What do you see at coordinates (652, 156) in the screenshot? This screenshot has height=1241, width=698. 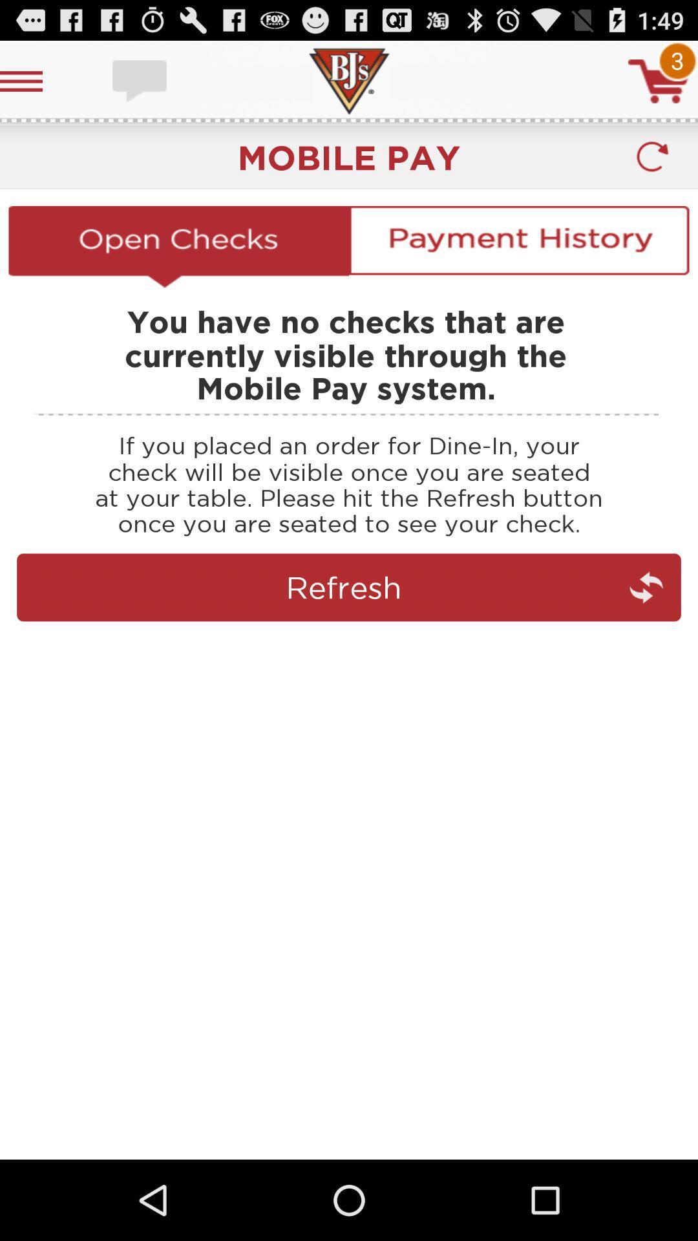 I see `reloaded user` at bounding box center [652, 156].